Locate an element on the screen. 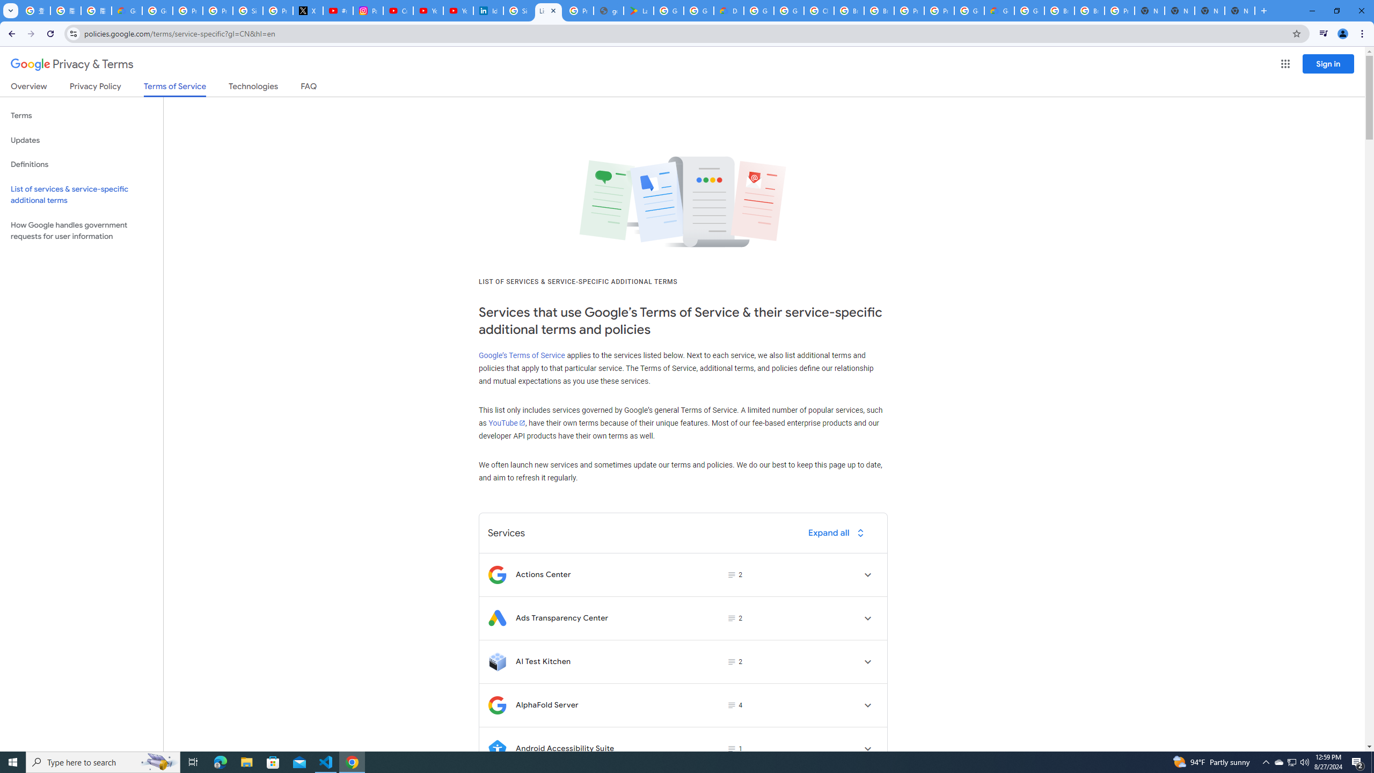 Image resolution: width=1374 pixels, height=773 pixels. 'Logo for Actions Center' is located at coordinates (496, 574).